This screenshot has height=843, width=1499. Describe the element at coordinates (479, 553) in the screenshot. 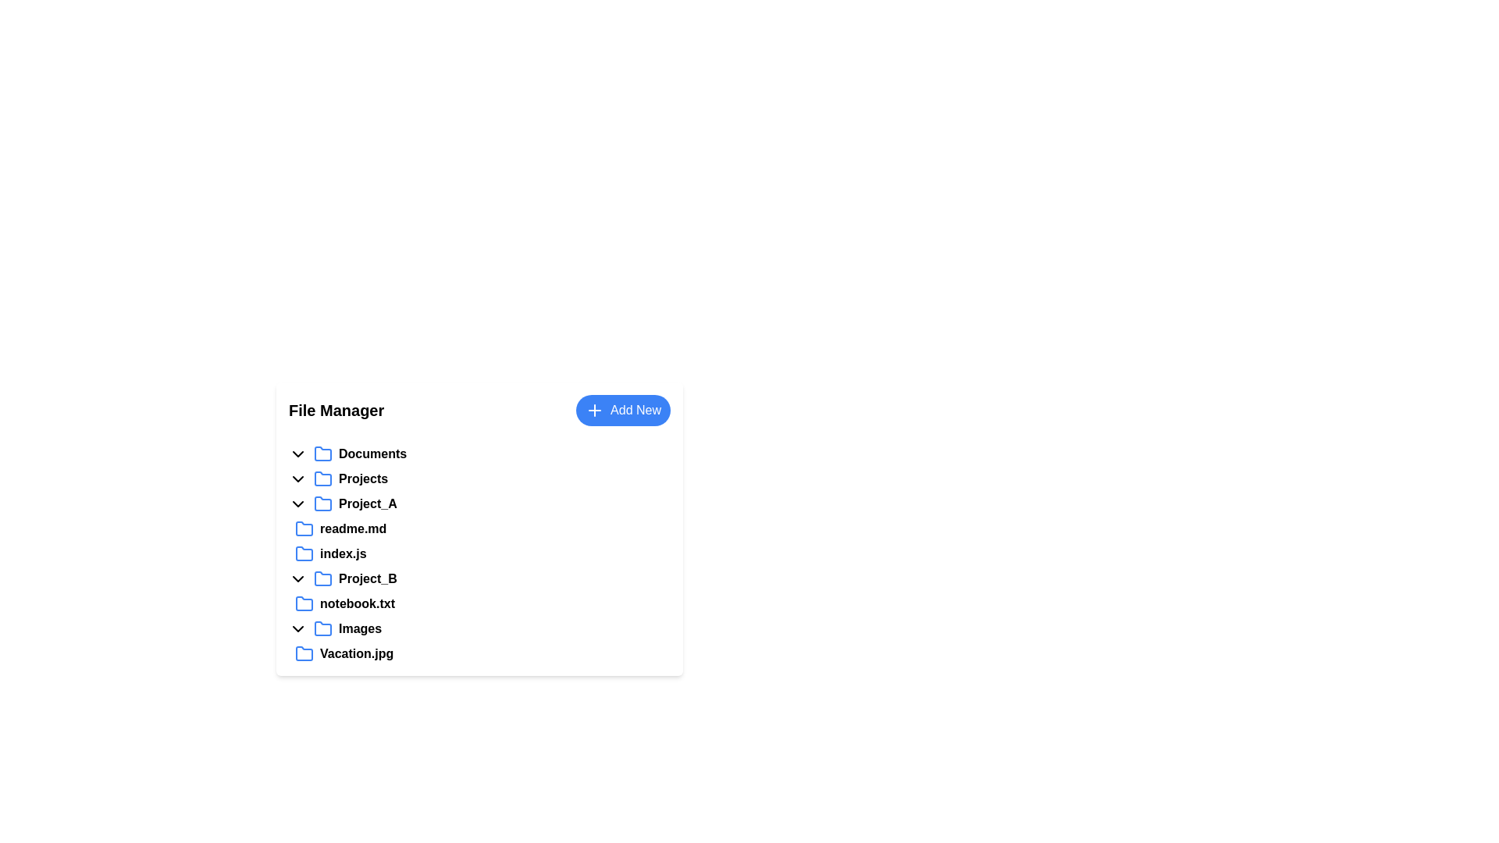

I see `the hierarchical list item in the File Manager` at that location.